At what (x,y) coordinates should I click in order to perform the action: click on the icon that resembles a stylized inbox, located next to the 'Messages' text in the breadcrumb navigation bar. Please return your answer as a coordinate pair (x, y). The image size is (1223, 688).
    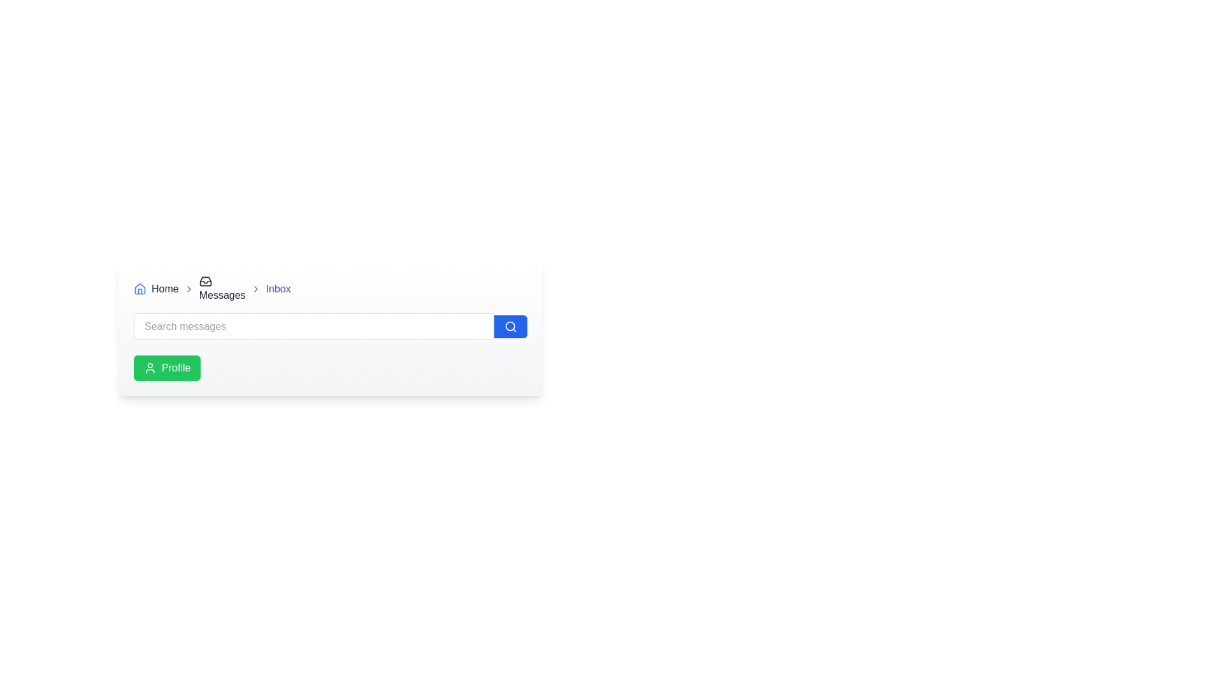
    Looking at the image, I should click on (205, 281).